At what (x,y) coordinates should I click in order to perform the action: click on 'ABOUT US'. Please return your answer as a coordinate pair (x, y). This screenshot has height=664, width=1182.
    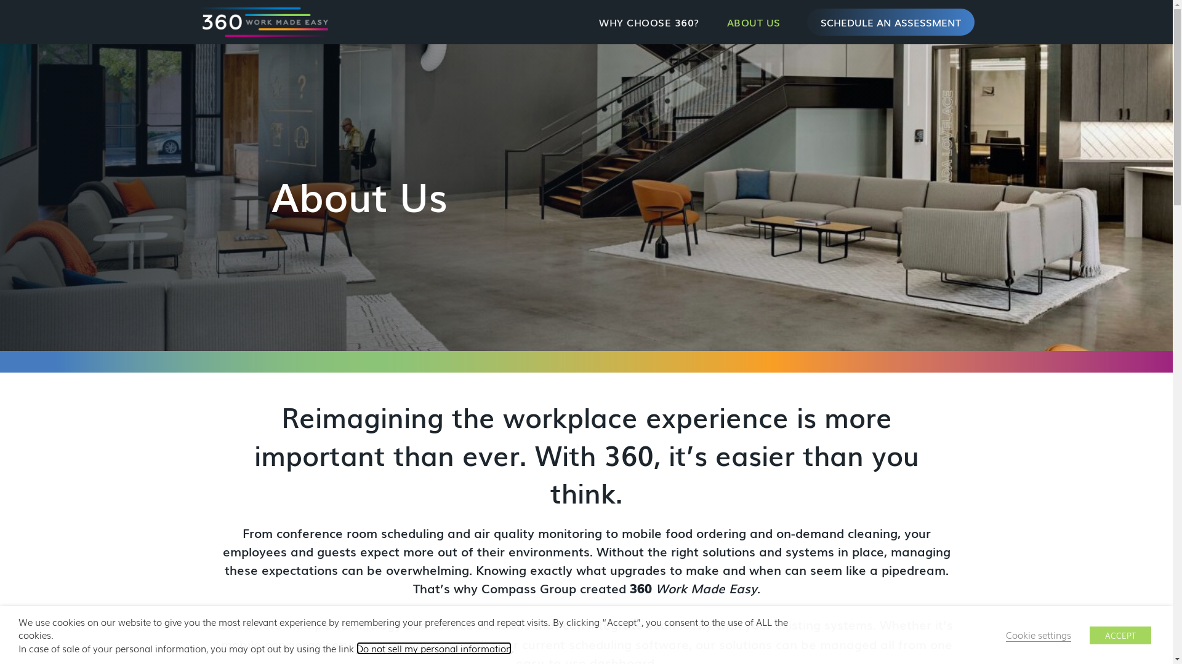
    Looking at the image, I should click on (753, 22).